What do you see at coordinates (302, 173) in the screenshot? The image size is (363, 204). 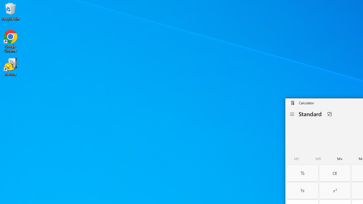 I see `'Percent'` at bounding box center [302, 173].